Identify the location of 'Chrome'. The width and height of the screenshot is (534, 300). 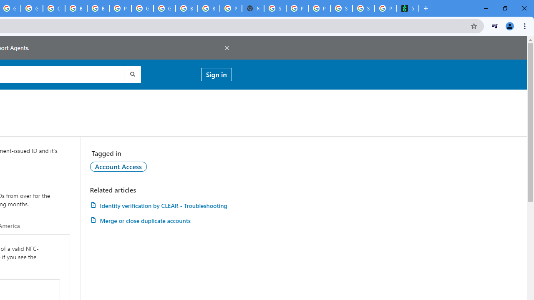
(525, 25).